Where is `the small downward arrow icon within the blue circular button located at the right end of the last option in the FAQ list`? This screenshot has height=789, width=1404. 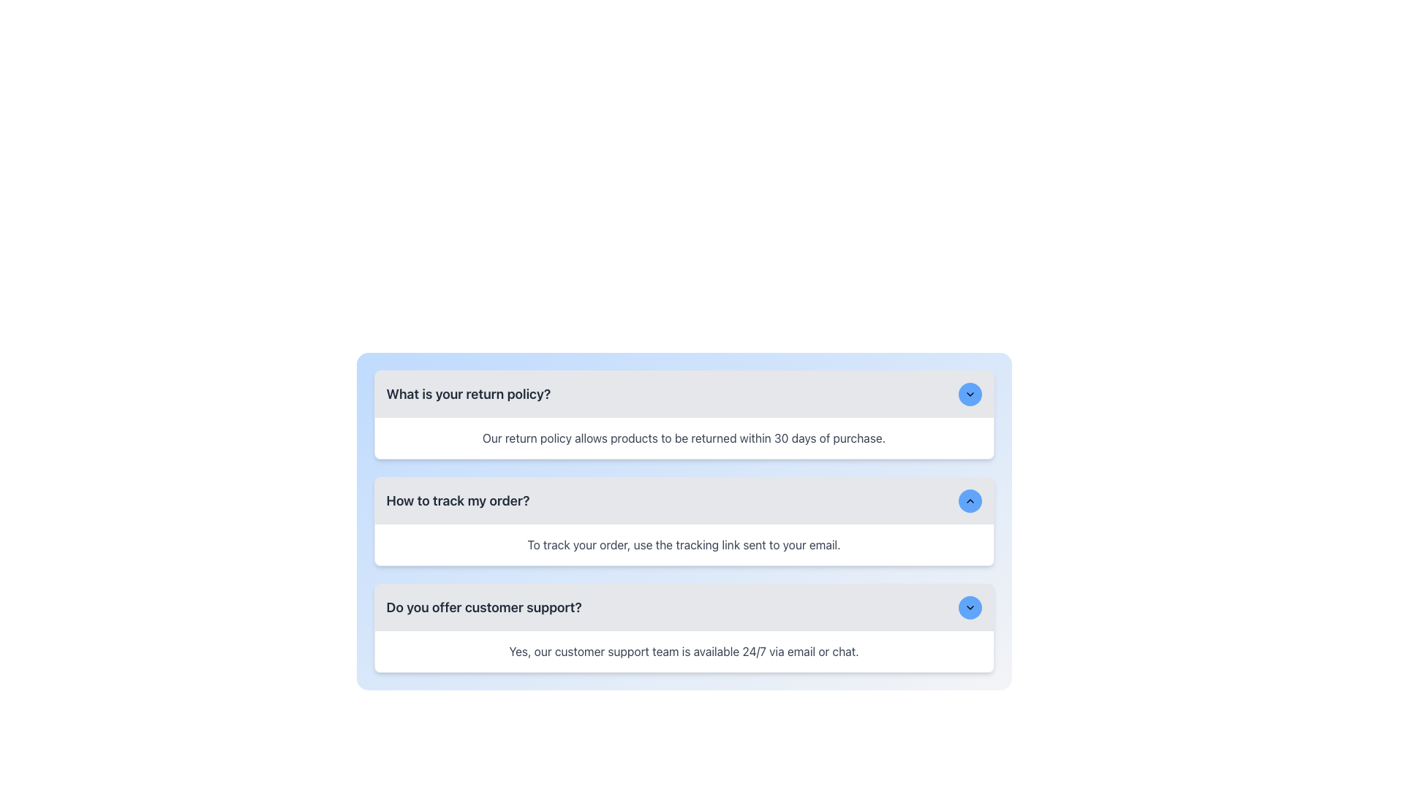
the small downward arrow icon within the blue circular button located at the right end of the last option in the FAQ list is located at coordinates (970, 608).